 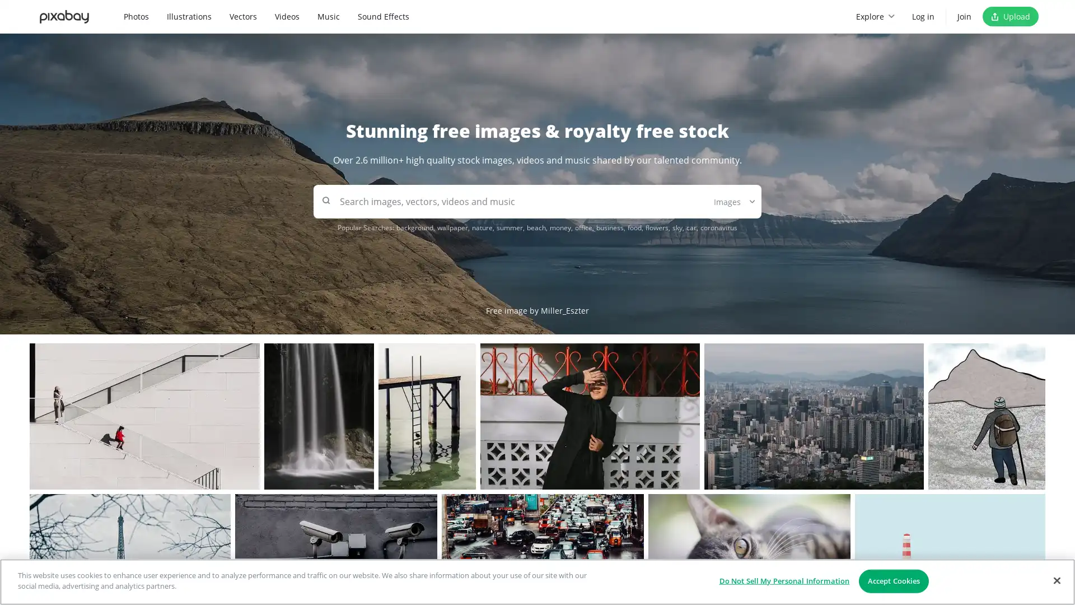 I want to click on Accept Cookies, so click(x=893, y=580).